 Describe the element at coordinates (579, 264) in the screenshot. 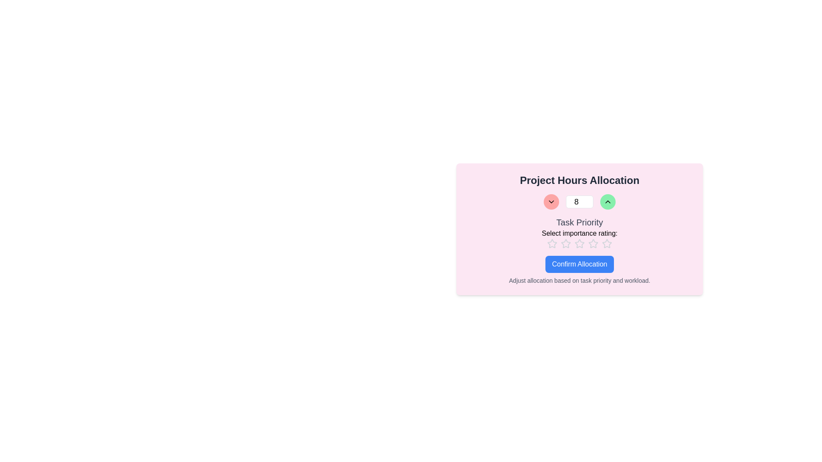

I see `the finalize allocation button located at the center of the panel under the 'Task Priority' rating options to confirm allocation` at that location.